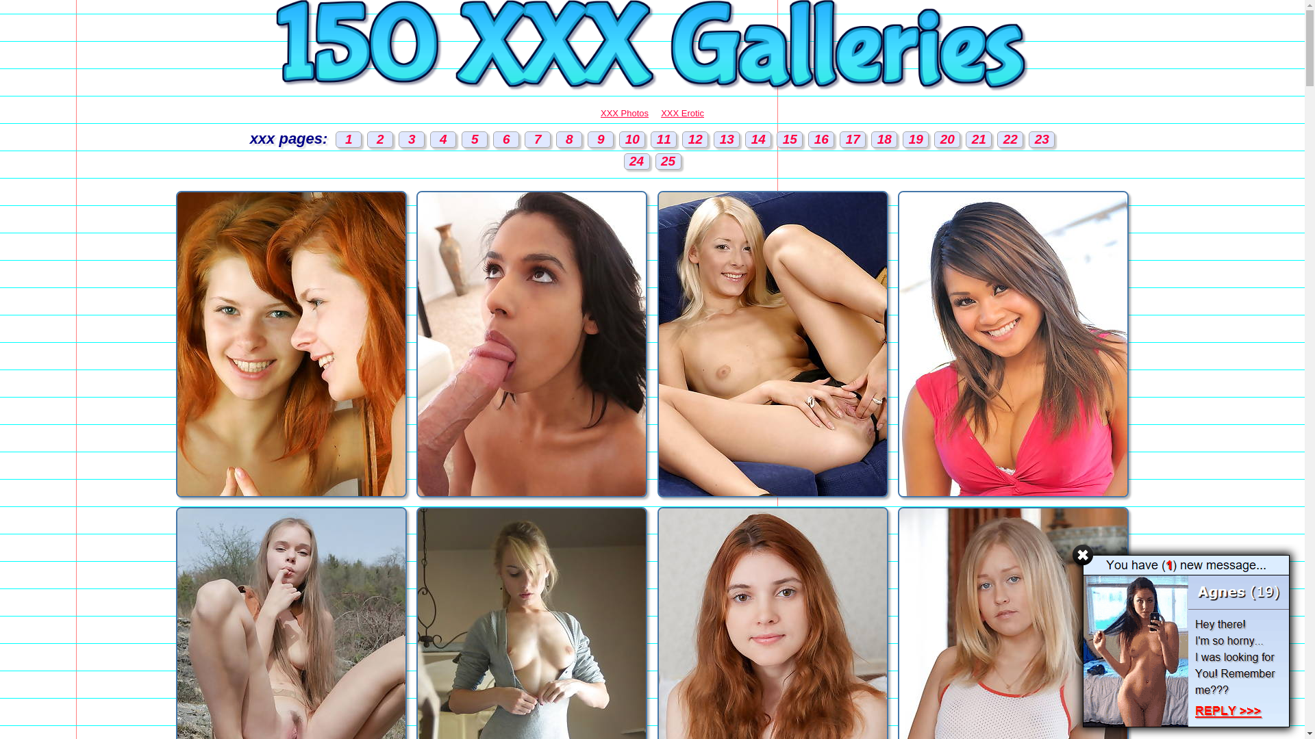  What do you see at coordinates (335, 140) in the screenshot?
I see `'1'` at bounding box center [335, 140].